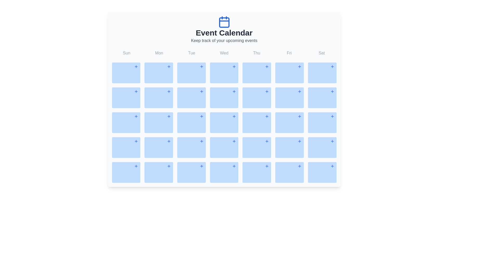 This screenshot has width=499, height=280. I want to click on the blue plus icon button located in the top-right corner of the third row and third column tile, so click(201, 141).